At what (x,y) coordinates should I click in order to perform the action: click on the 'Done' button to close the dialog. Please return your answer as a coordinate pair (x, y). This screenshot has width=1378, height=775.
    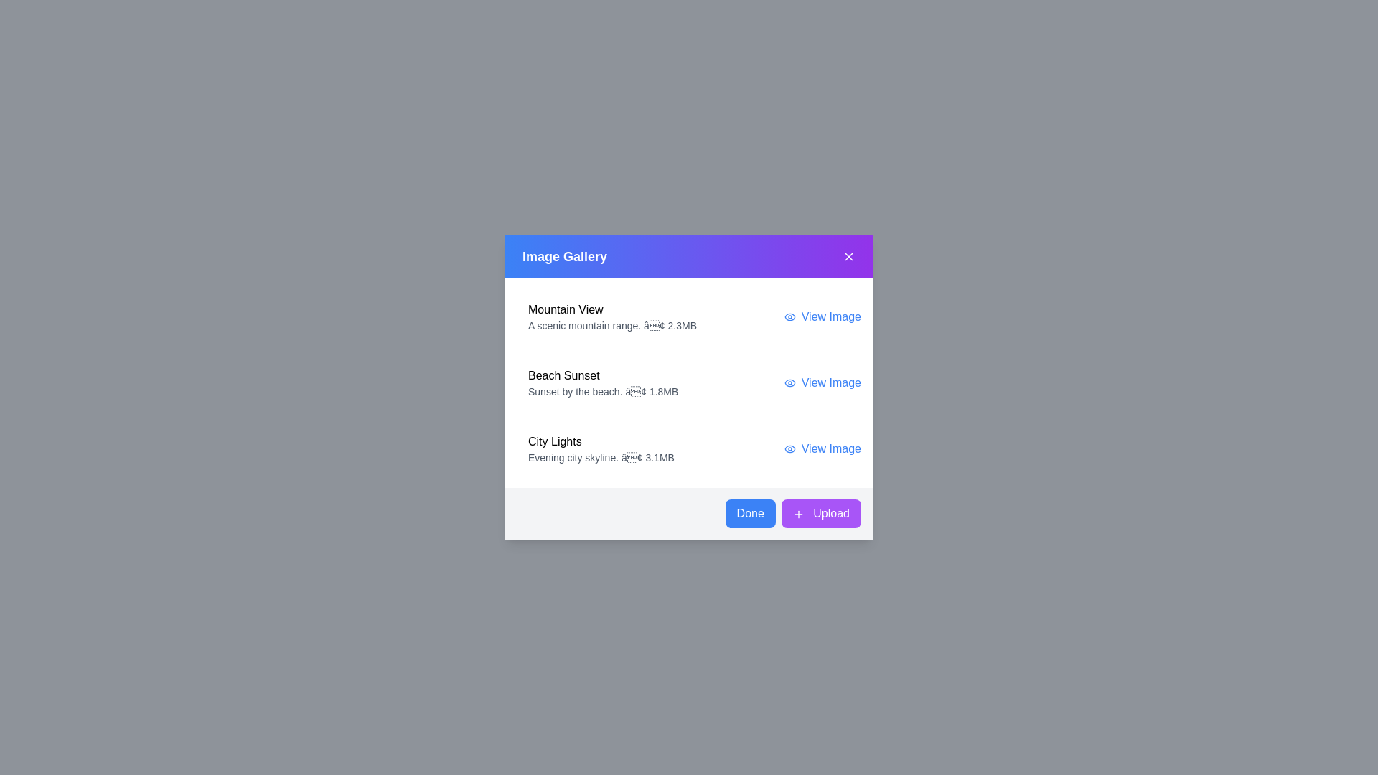
    Looking at the image, I should click on (749, 513).